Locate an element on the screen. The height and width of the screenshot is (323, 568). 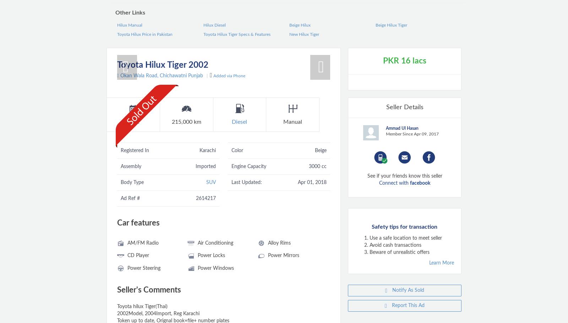
'AM/FM Radio' is located at coordinates (142, 242).